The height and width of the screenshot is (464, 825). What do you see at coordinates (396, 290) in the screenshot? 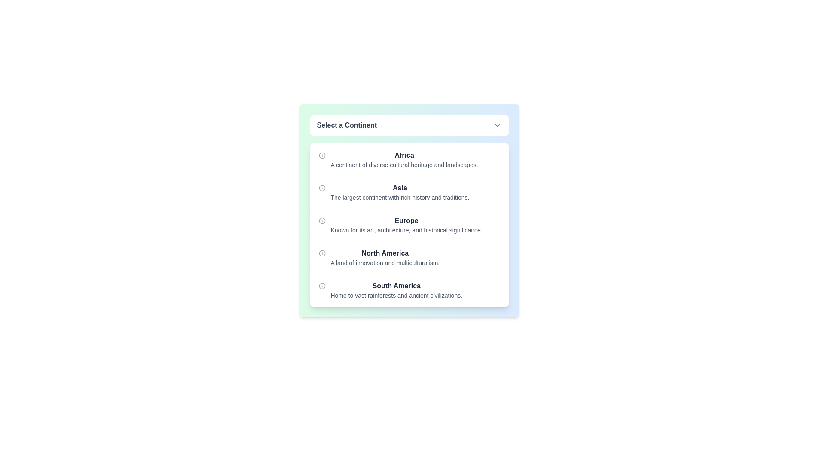
I see `to select the continent 'South America' which is the last option in the dropdown menu panel, styled with bold text and accompanied by a subtext` at bounding box center [396, 290].